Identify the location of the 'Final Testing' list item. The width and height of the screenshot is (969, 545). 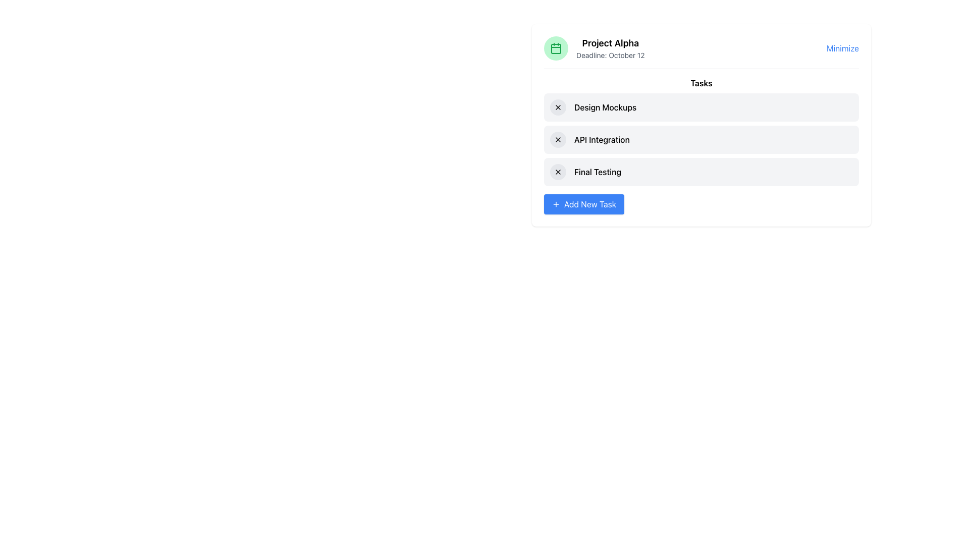
(701, 171).